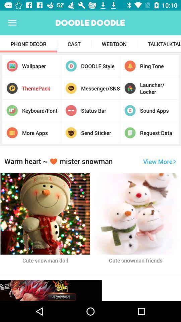  Describe the element at coordinates (74, 44) in the screenshot. I see `the cast app` at that location.